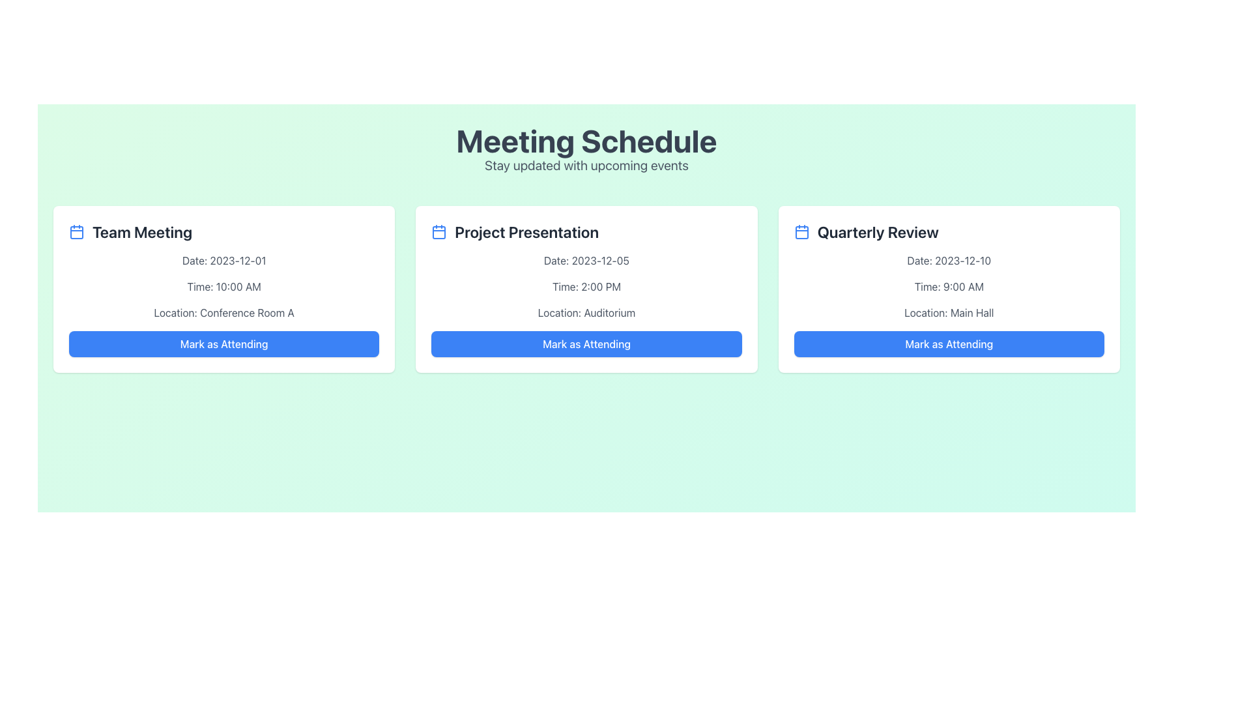 The image size is (1251, 704). I want to click on the 'Project Presentation' text label with a blue calendar icon, located in the upper portion of the central event card, so click(586, 231).